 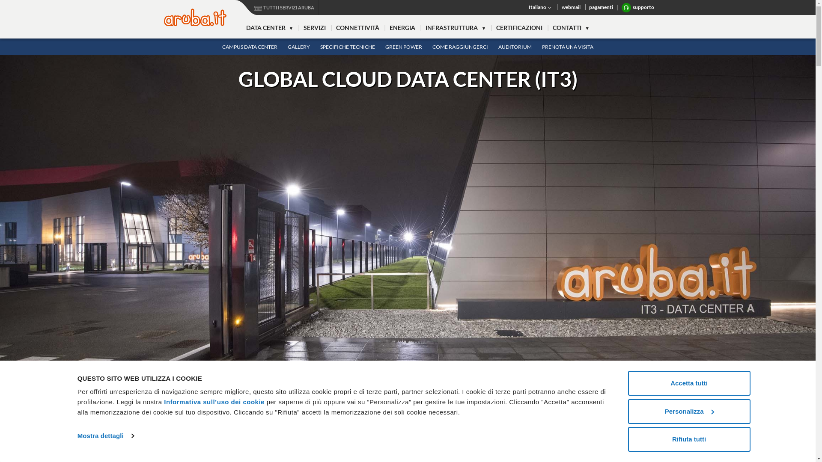 I want to click on 'CERTIFICAZIONI', so click(x=519, y=27).